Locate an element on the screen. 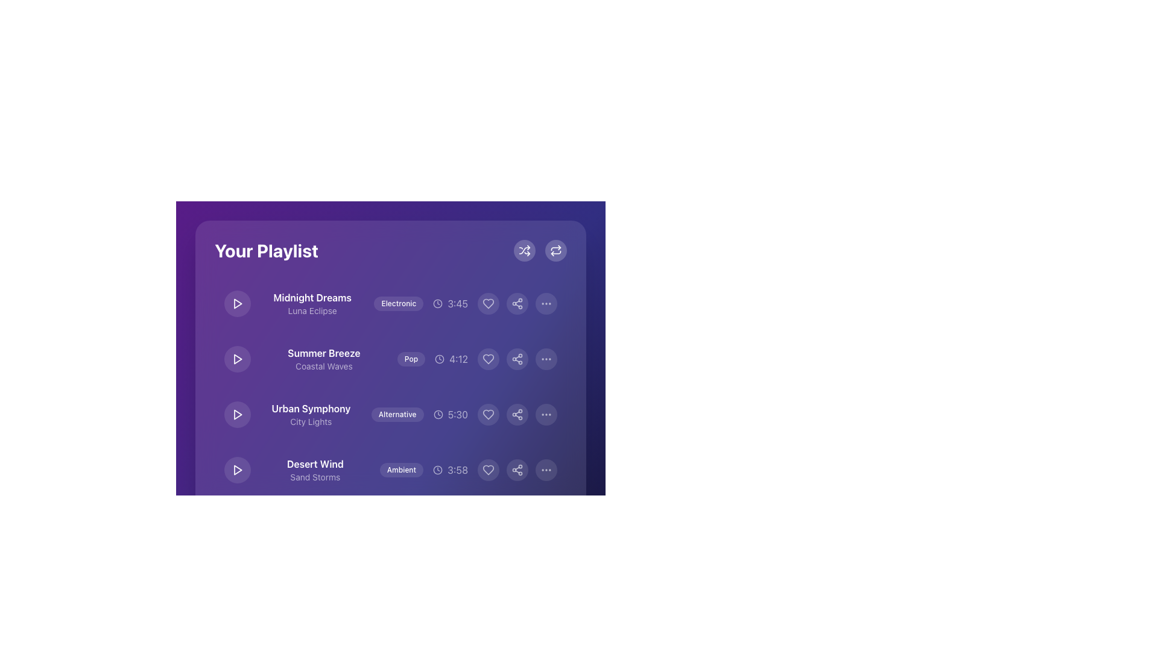 This screenshot has height=651, width=1158. the heart-shaped icon located in the first item's row of the playlist interface to mark the associated content as favorite is located at coordinates (489, 303).